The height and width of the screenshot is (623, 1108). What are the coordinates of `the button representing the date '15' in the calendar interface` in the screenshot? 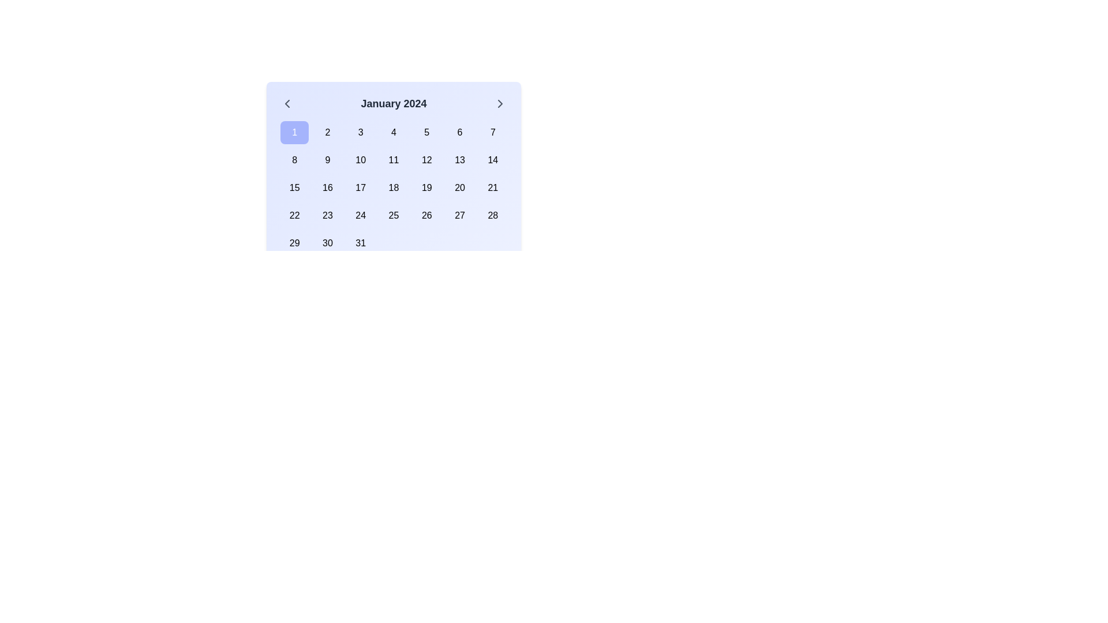 It's located at (294, 187).